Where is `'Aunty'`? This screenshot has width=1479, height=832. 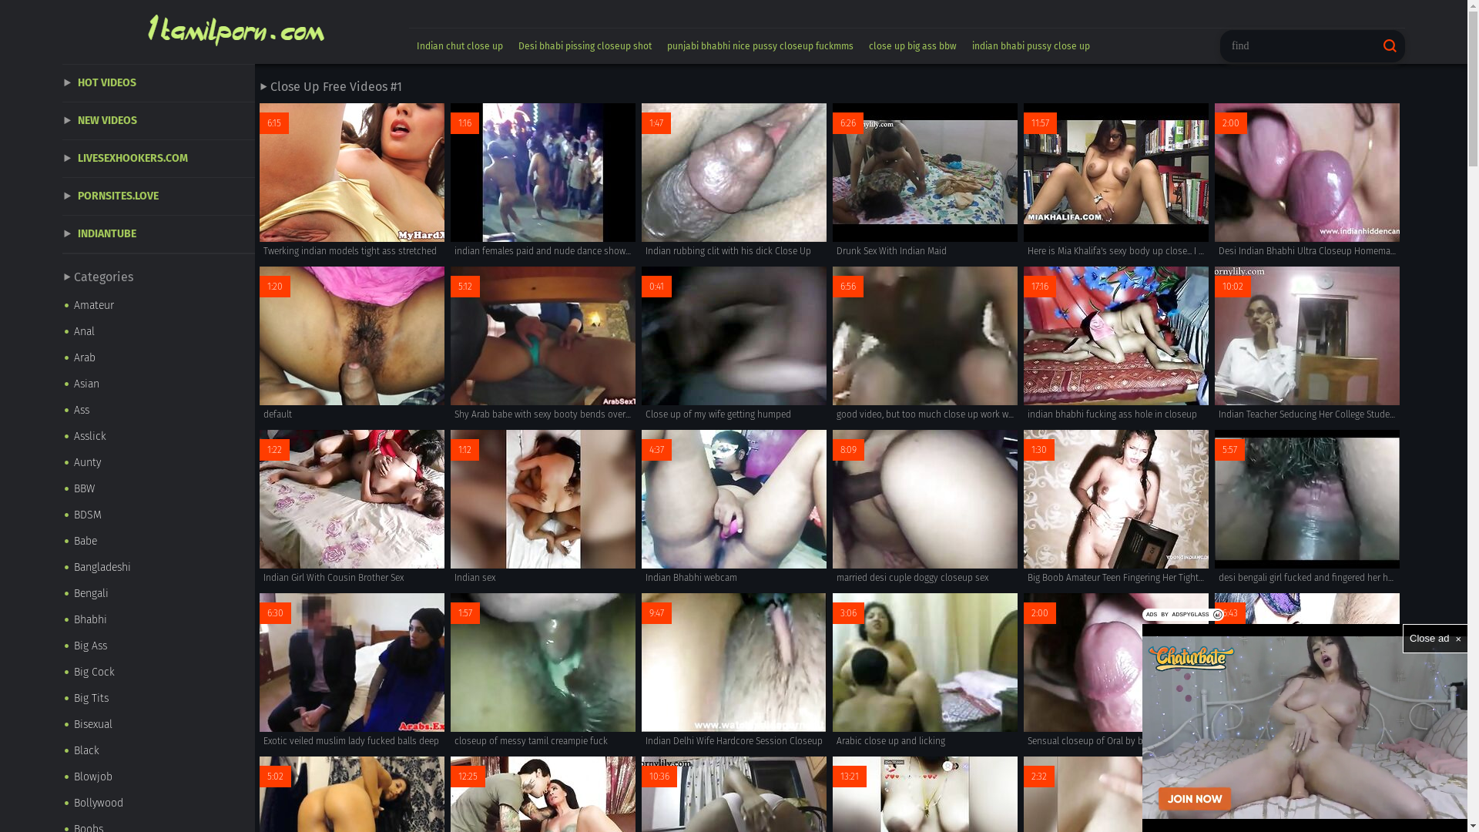
'Aunty' is located at coordinates (159, 462).